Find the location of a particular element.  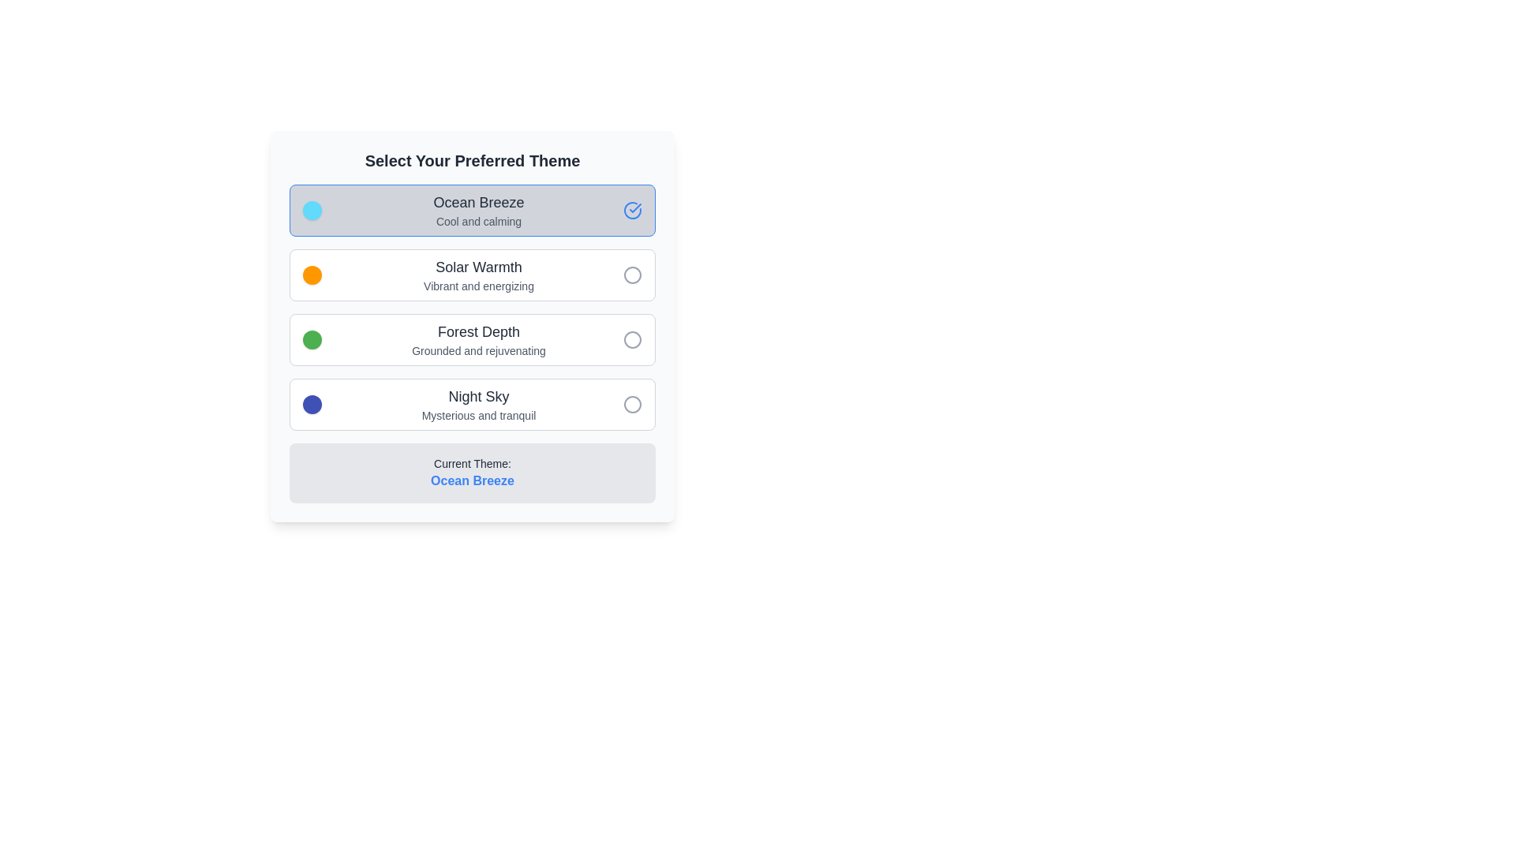

the text label that serves as the title for the third theme option, positioned above the description 'Grounded and rejuvenating' is located at coordinates (477, 331).